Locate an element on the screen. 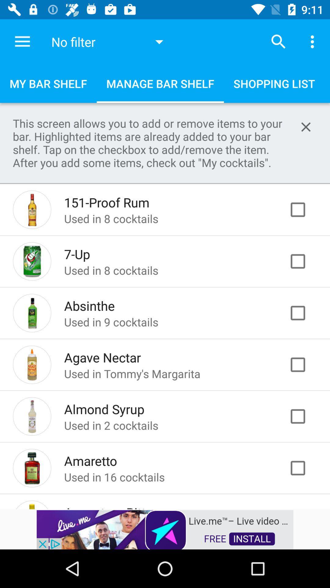 The image size is (330, 588). button is located at coordinates (306, 126).